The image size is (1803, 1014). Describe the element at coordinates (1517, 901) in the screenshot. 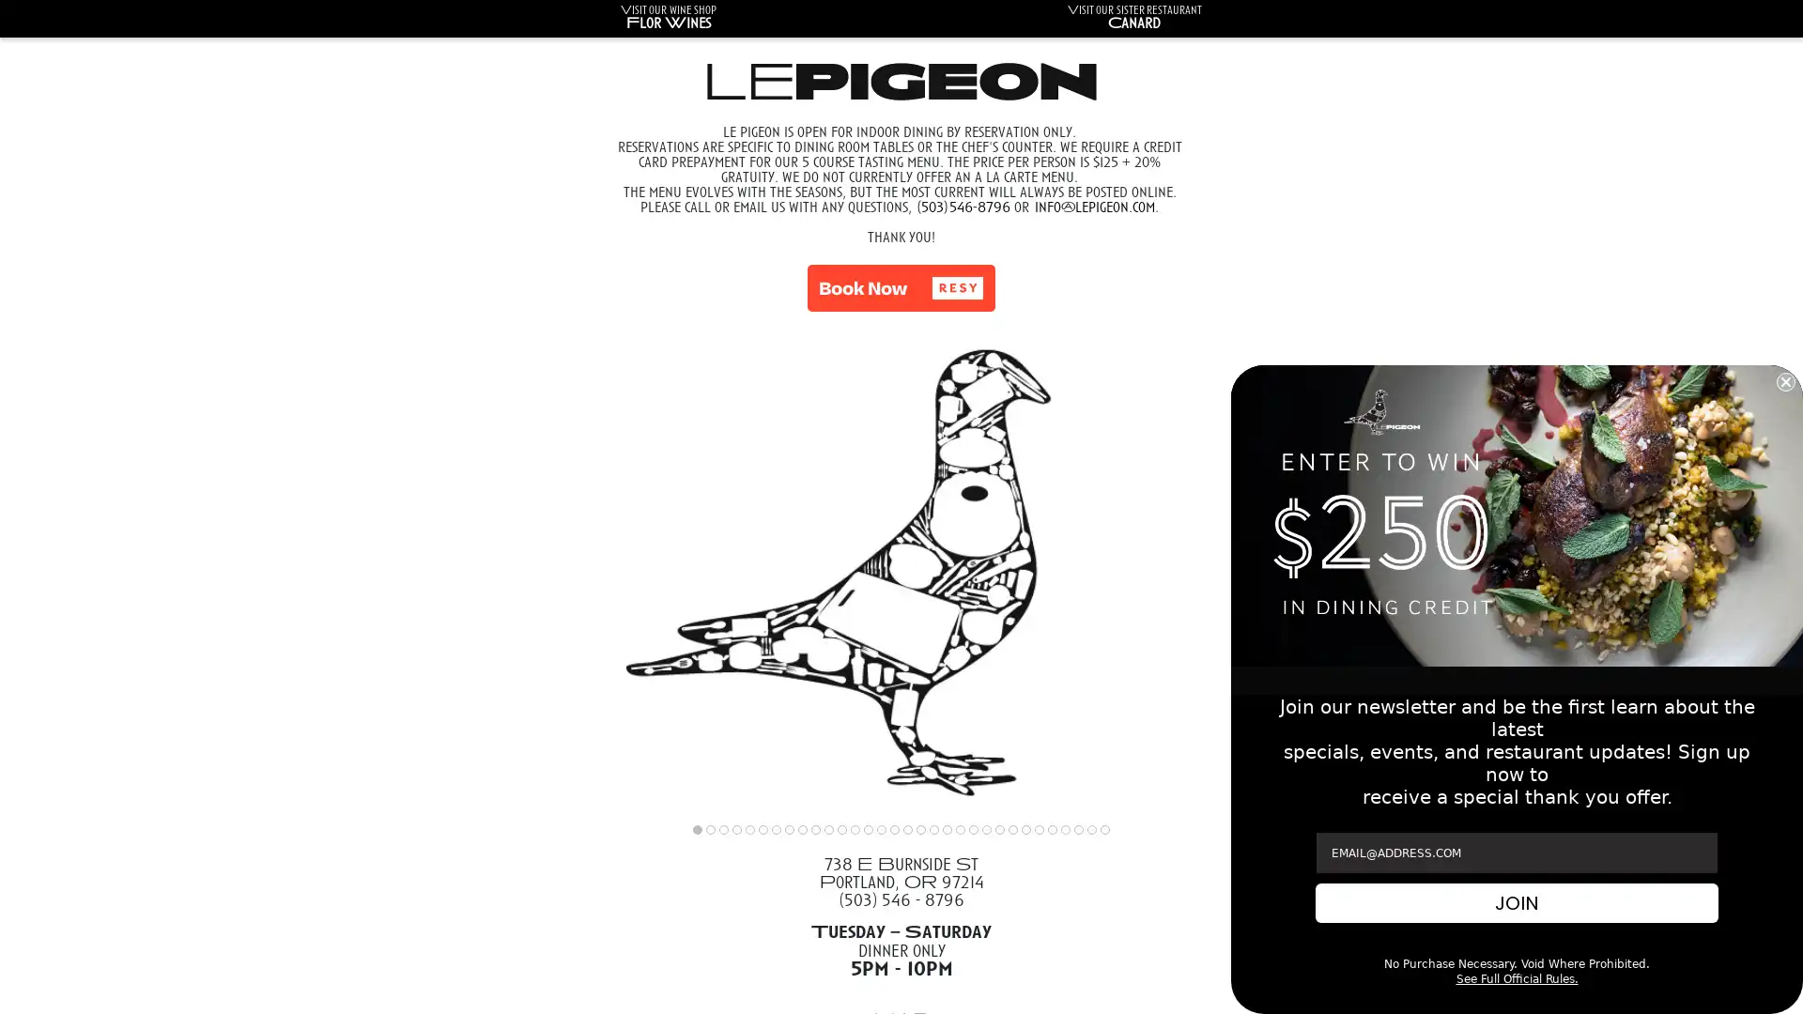

I see `JOIN` at that location.